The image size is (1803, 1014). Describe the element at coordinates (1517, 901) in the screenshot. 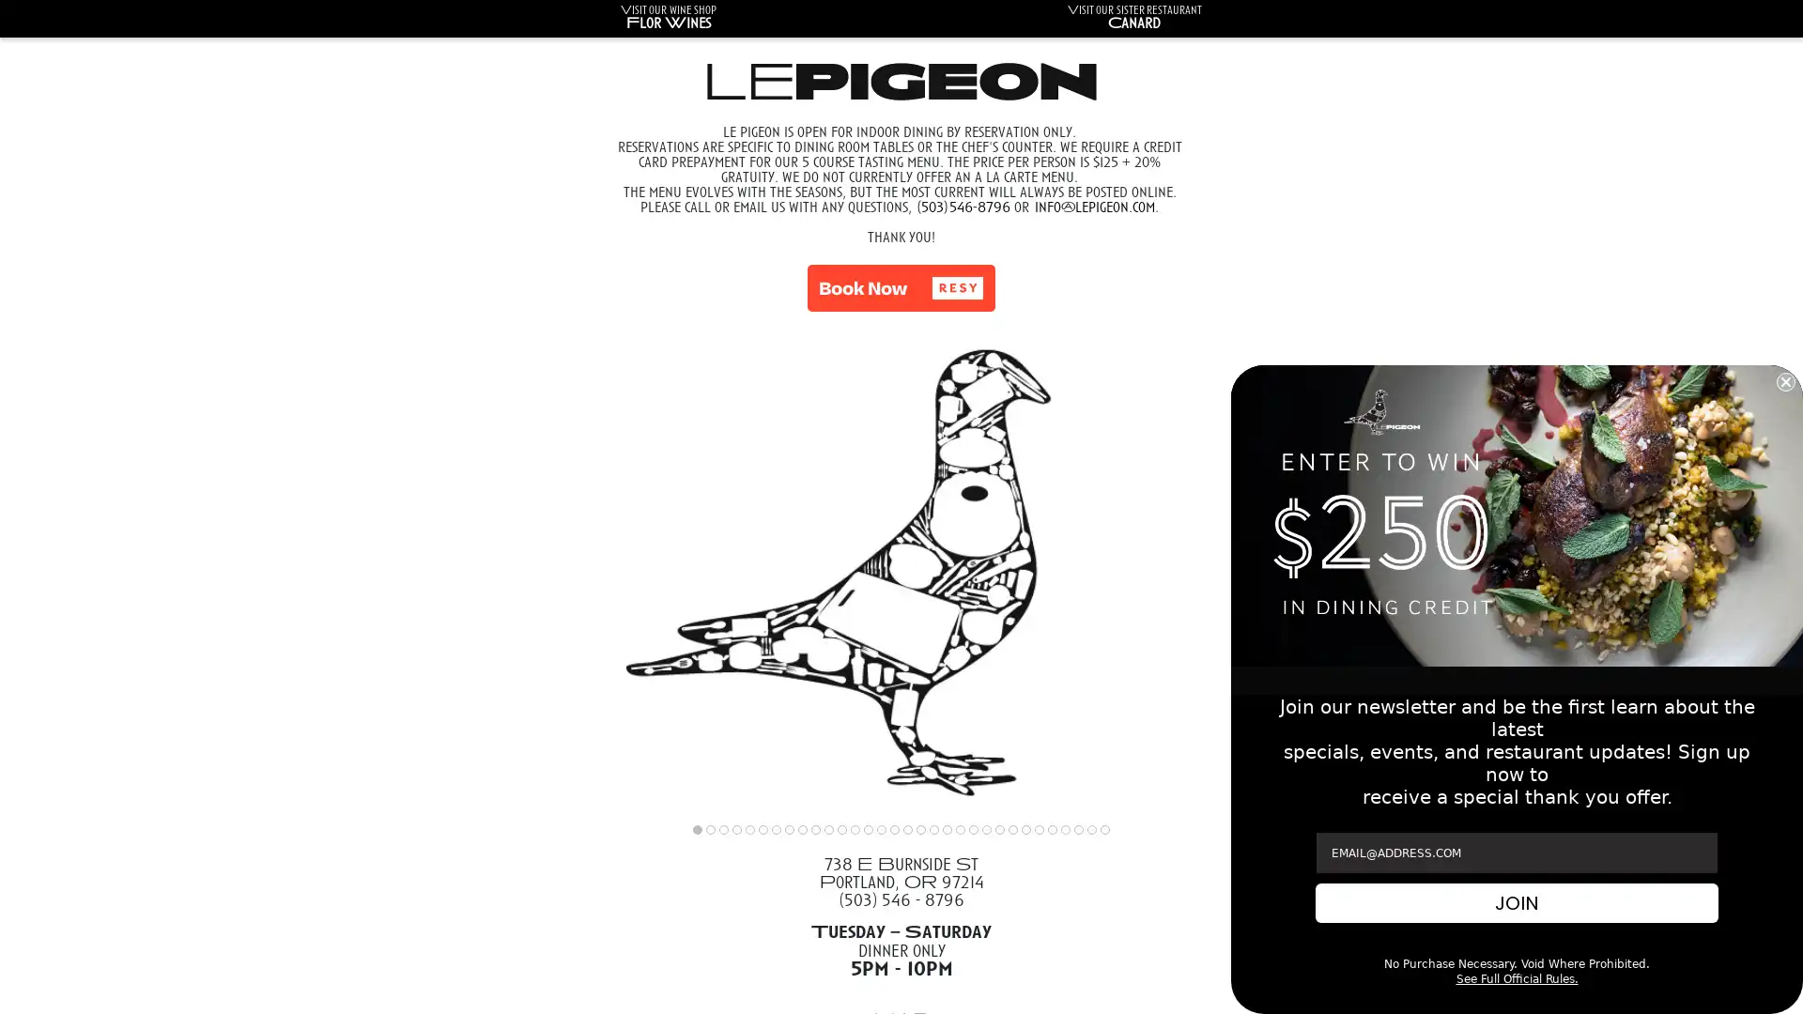

I see `JOIN` at that location.